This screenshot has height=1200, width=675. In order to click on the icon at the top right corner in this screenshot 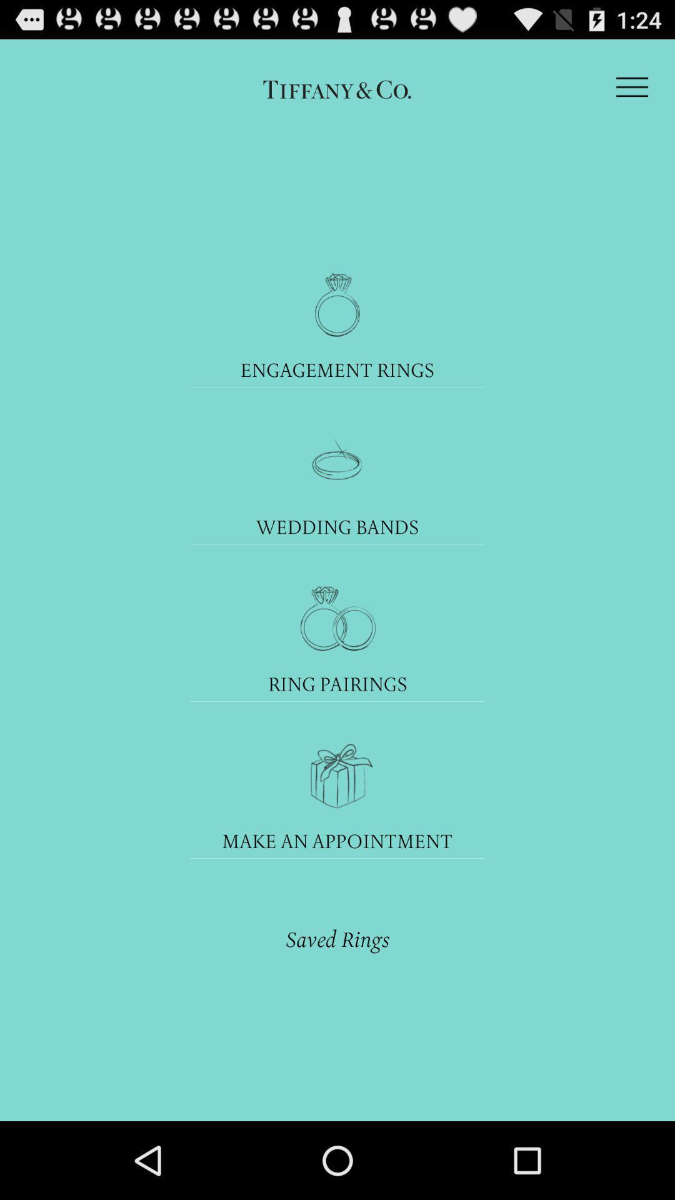, I will do `click(632, 86)`.